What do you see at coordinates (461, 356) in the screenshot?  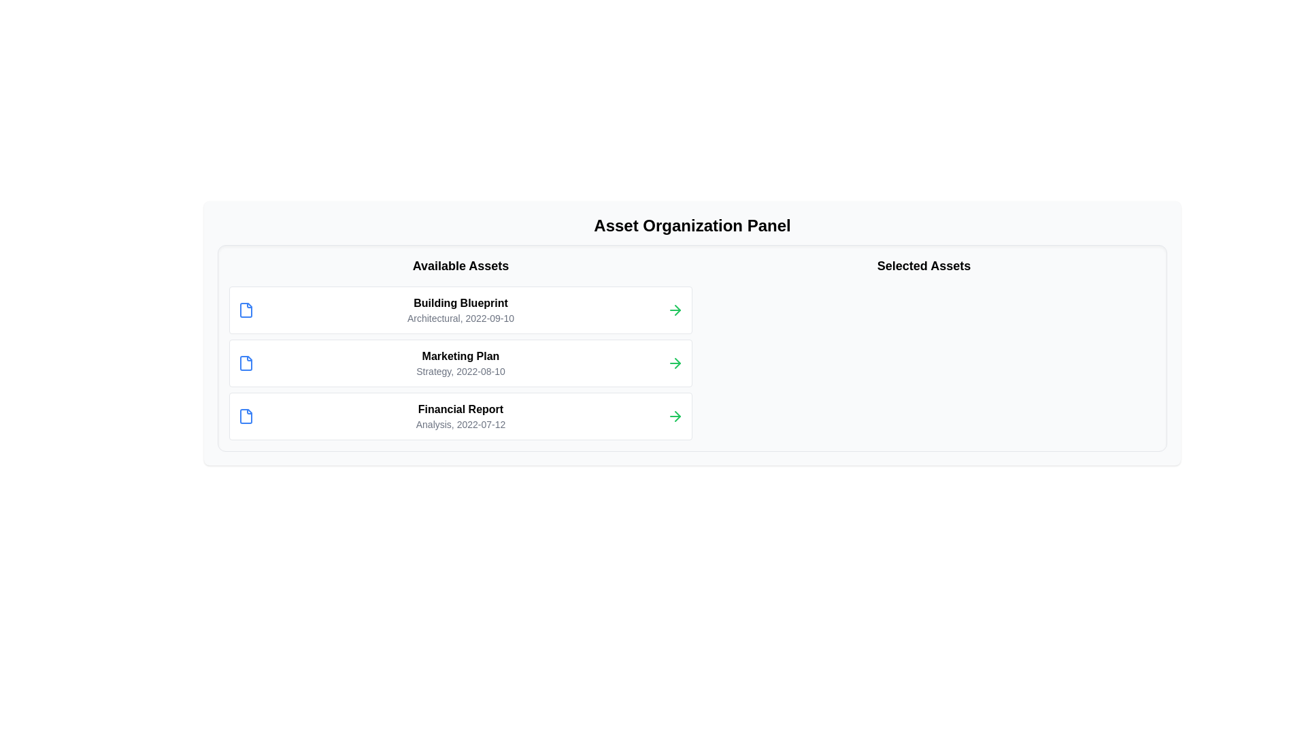 I see `the title text element located above the text 'Strategy, 2022-08-10' in the 'Available Assets' section` at bounding box center [461, 356].